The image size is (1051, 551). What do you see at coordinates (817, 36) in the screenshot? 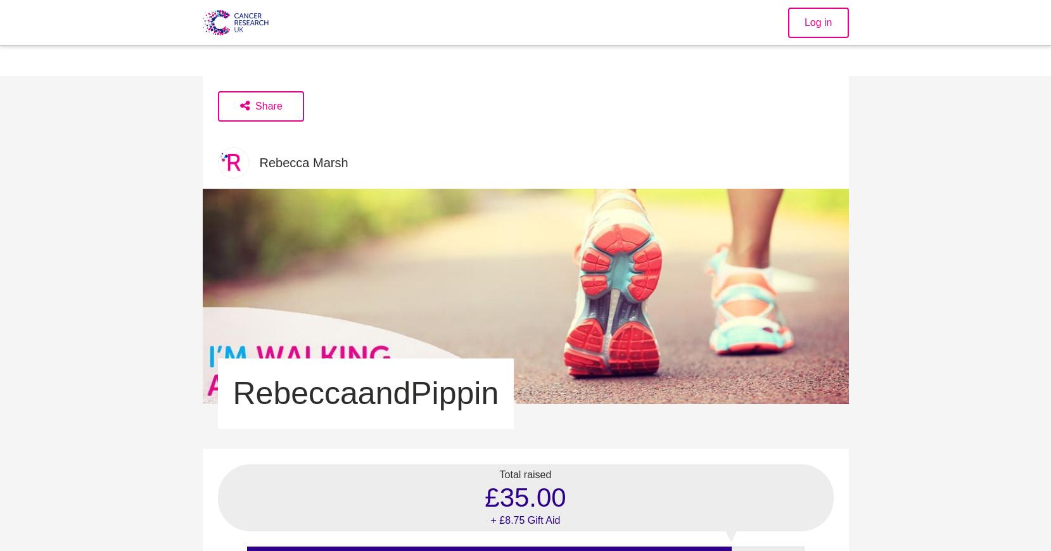
I see `'Log in'` at bounding box center [817, 36].